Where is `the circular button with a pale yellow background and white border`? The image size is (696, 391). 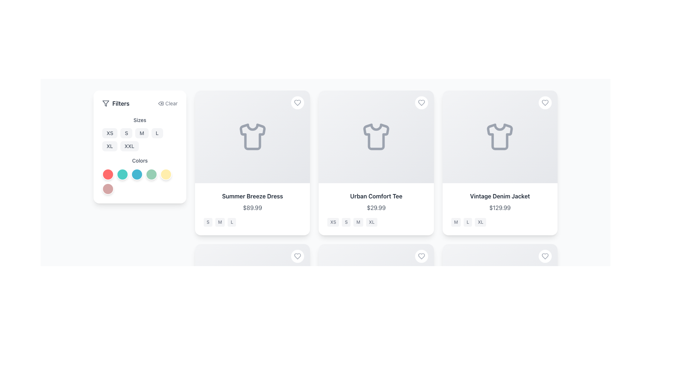
the circular button with a pale yellow background and white border is located at coordinates (165, 175).